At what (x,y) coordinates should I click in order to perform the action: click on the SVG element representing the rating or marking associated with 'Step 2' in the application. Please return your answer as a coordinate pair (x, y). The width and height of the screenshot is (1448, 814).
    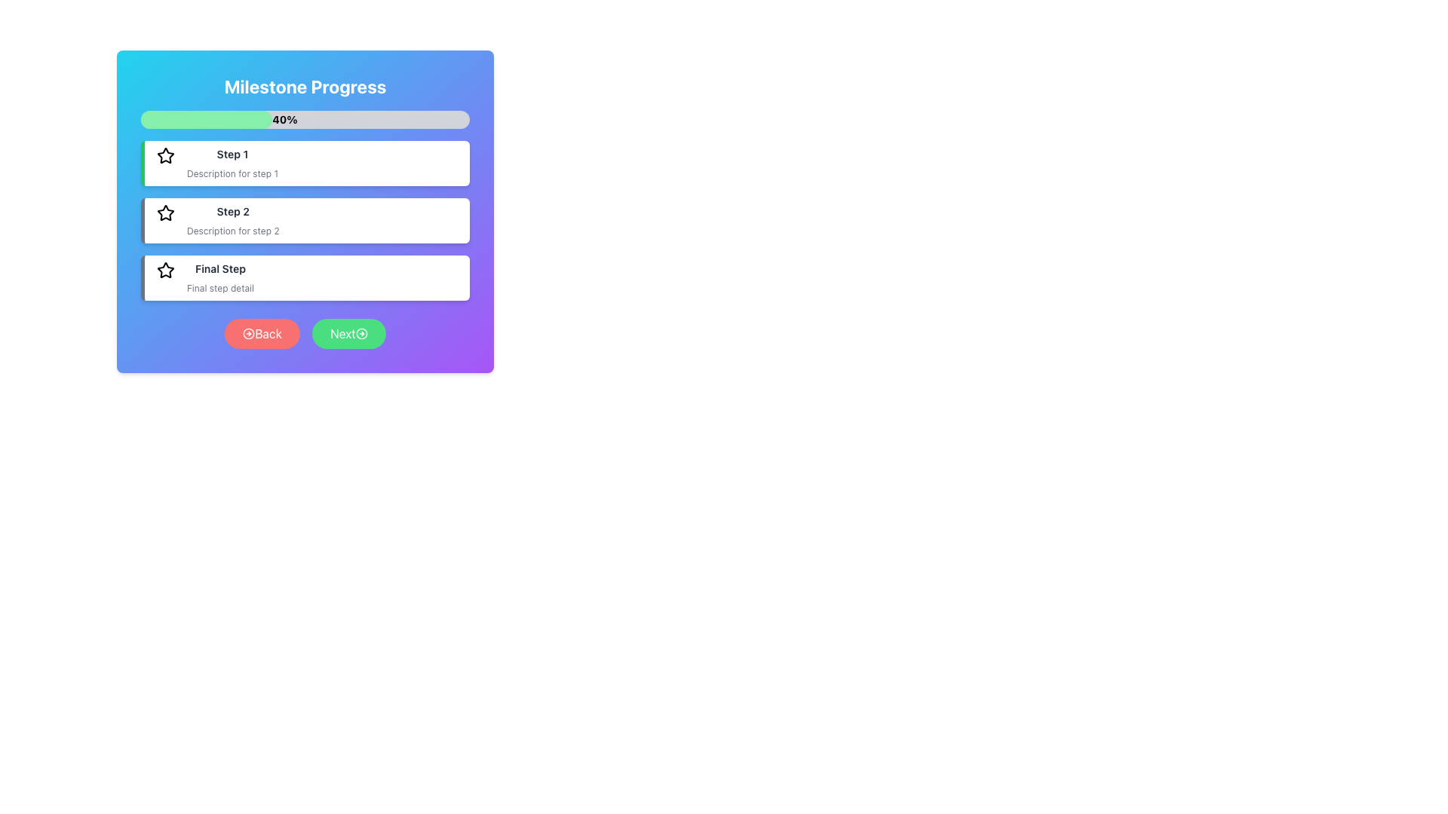
    Looking at the image, I should click on (166, 213).